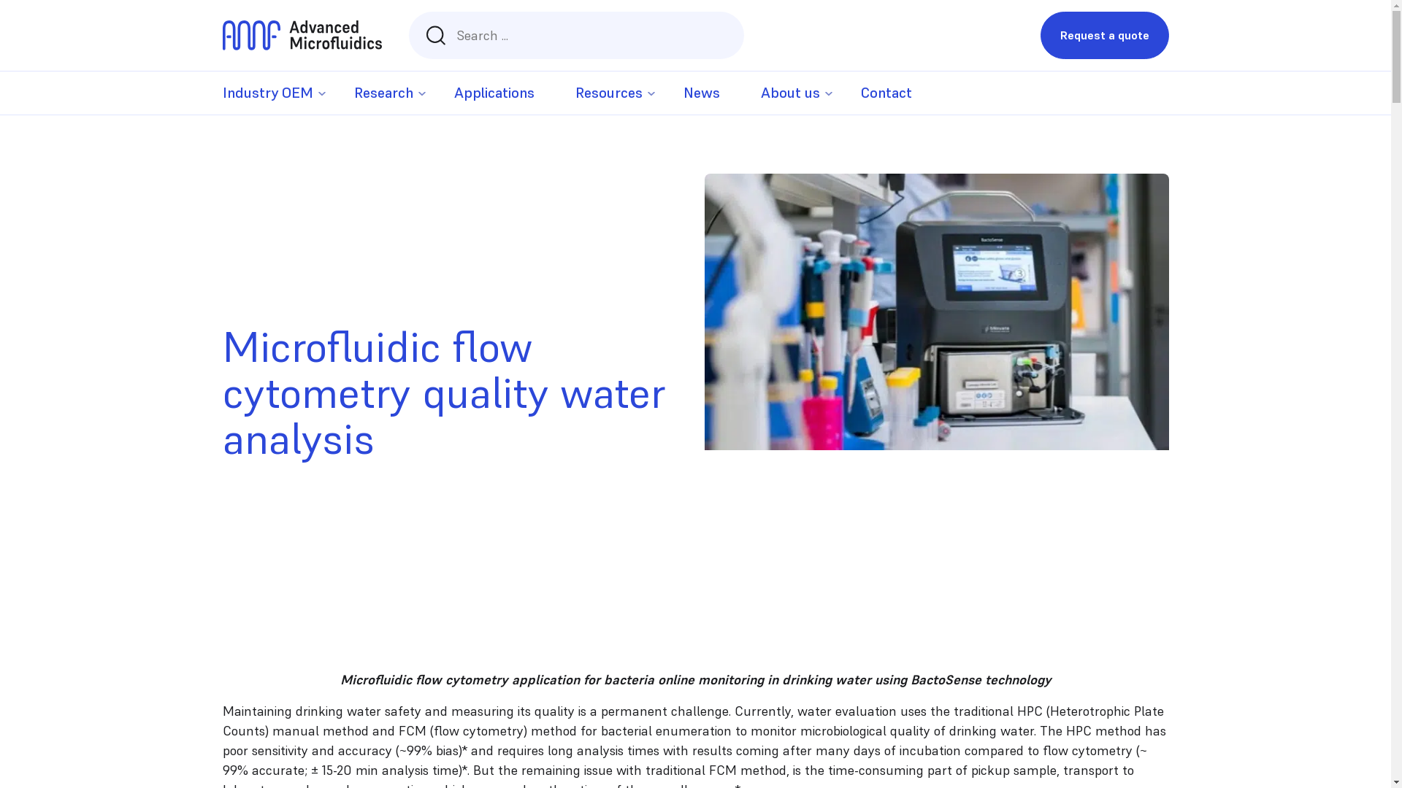 The height and width of the screenshot is (788, 1402). What do you see at coordinates (759, 93) in the screenshot?
I see `'About us'` at bounding box center [759, 93].